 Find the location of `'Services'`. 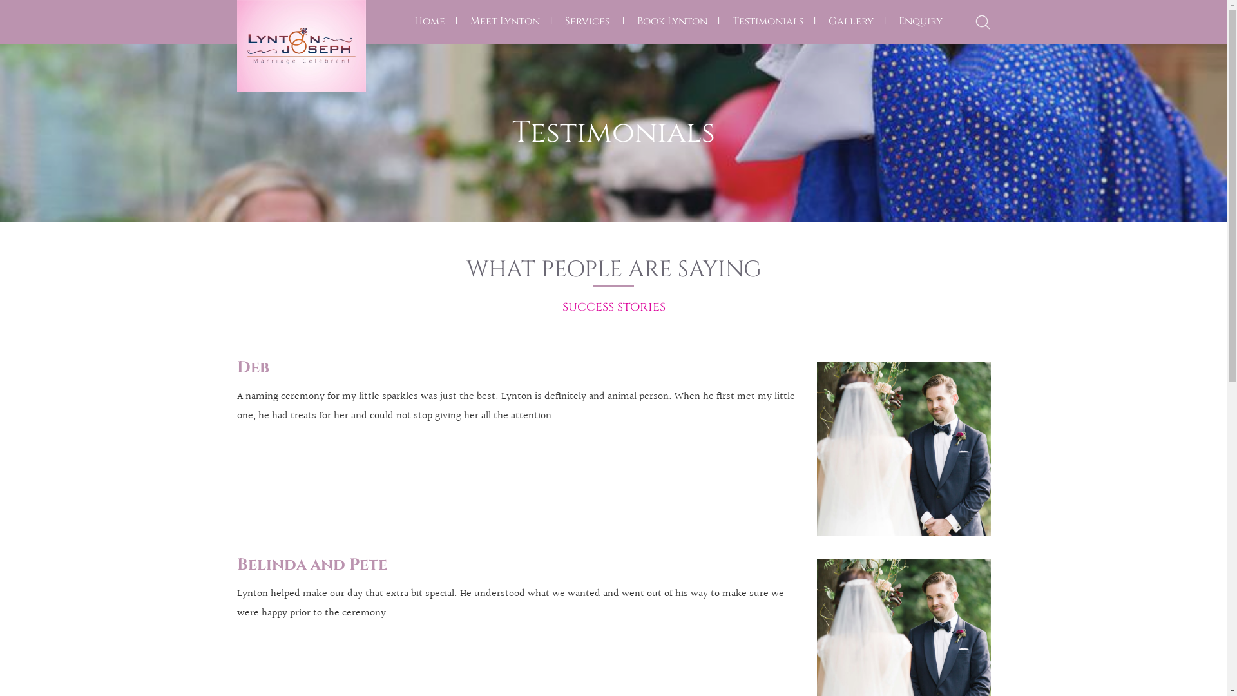

'Services' is located at coordinates (586, 21).